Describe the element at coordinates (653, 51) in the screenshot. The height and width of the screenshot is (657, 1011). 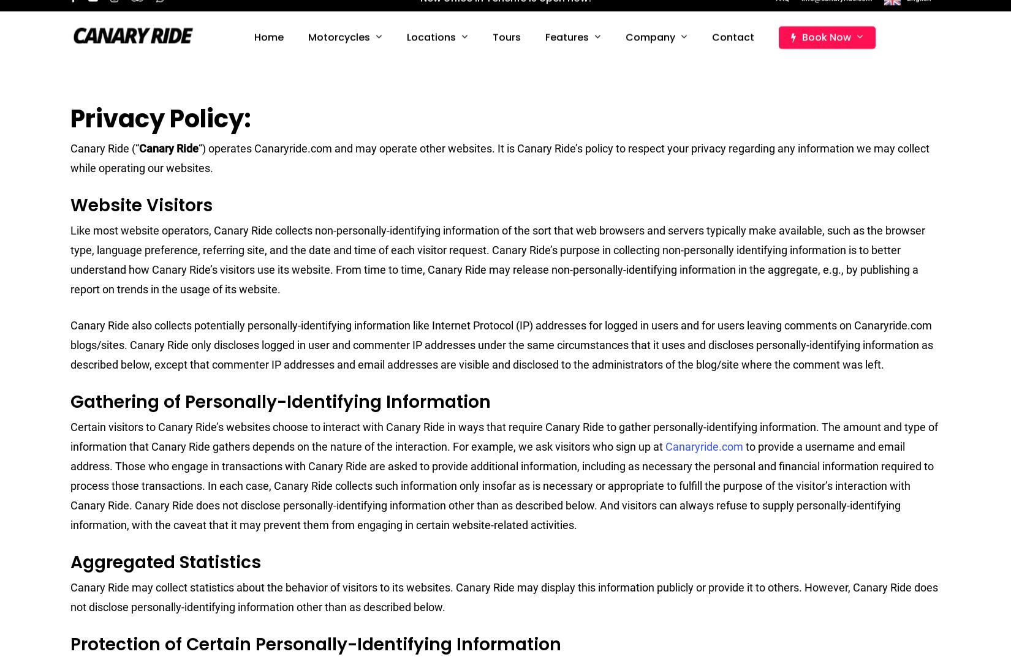
I see `'Company'` at that location.